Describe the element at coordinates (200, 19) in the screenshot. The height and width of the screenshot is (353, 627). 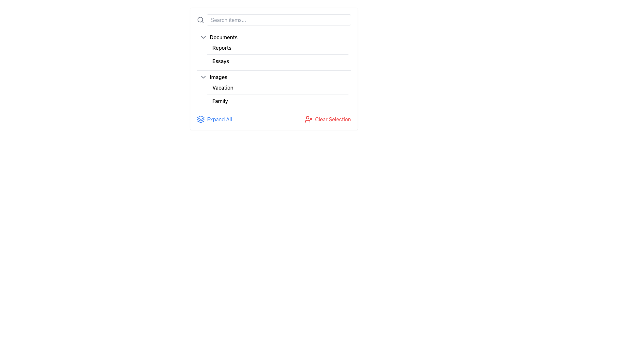
I see `the circular graphic element within the SVG component that serves as a decorative part of the search icon, located in the top-left corner adjacent to the 'Search items...' text input field` at that location.